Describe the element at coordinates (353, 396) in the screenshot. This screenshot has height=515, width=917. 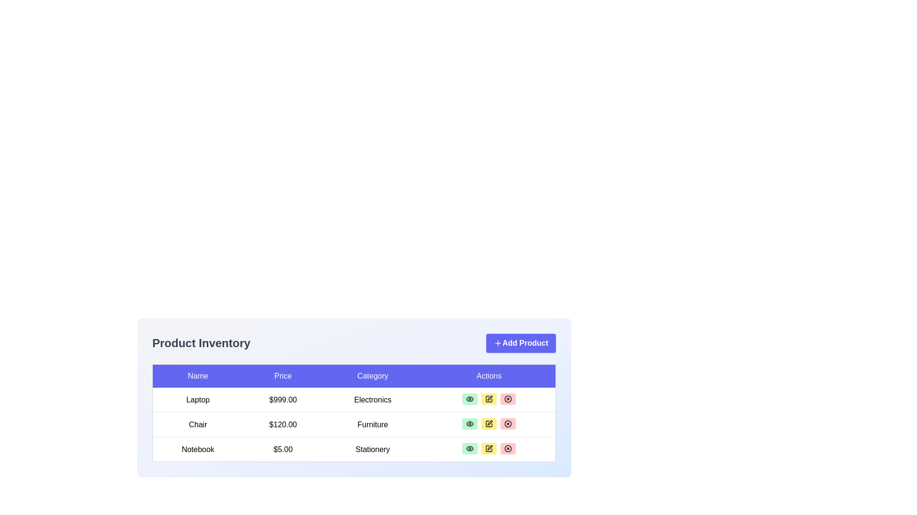
I see `the table cell displaying the category value 'Electronics' in the inventory section, located in the first row under the 'Category' column` at that location.